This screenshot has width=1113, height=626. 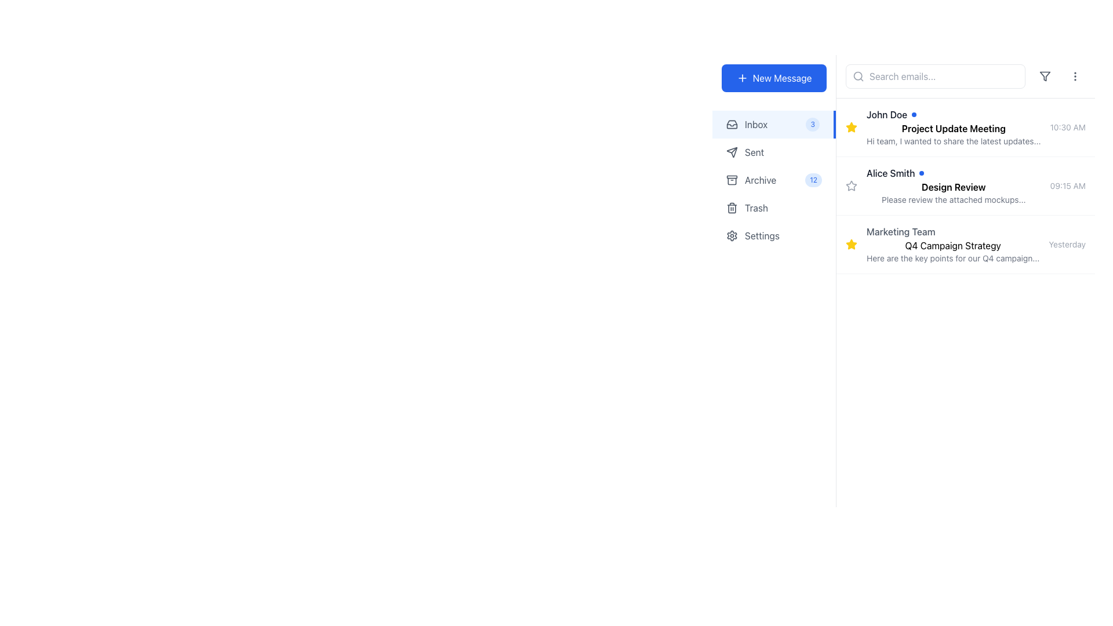 What do you see at coordinates (1074, 76) in the screenshot?
I see `the ellipsis button located in the top-most row of the right section, which is the last item in the row` at bounding box center [1074, 76].